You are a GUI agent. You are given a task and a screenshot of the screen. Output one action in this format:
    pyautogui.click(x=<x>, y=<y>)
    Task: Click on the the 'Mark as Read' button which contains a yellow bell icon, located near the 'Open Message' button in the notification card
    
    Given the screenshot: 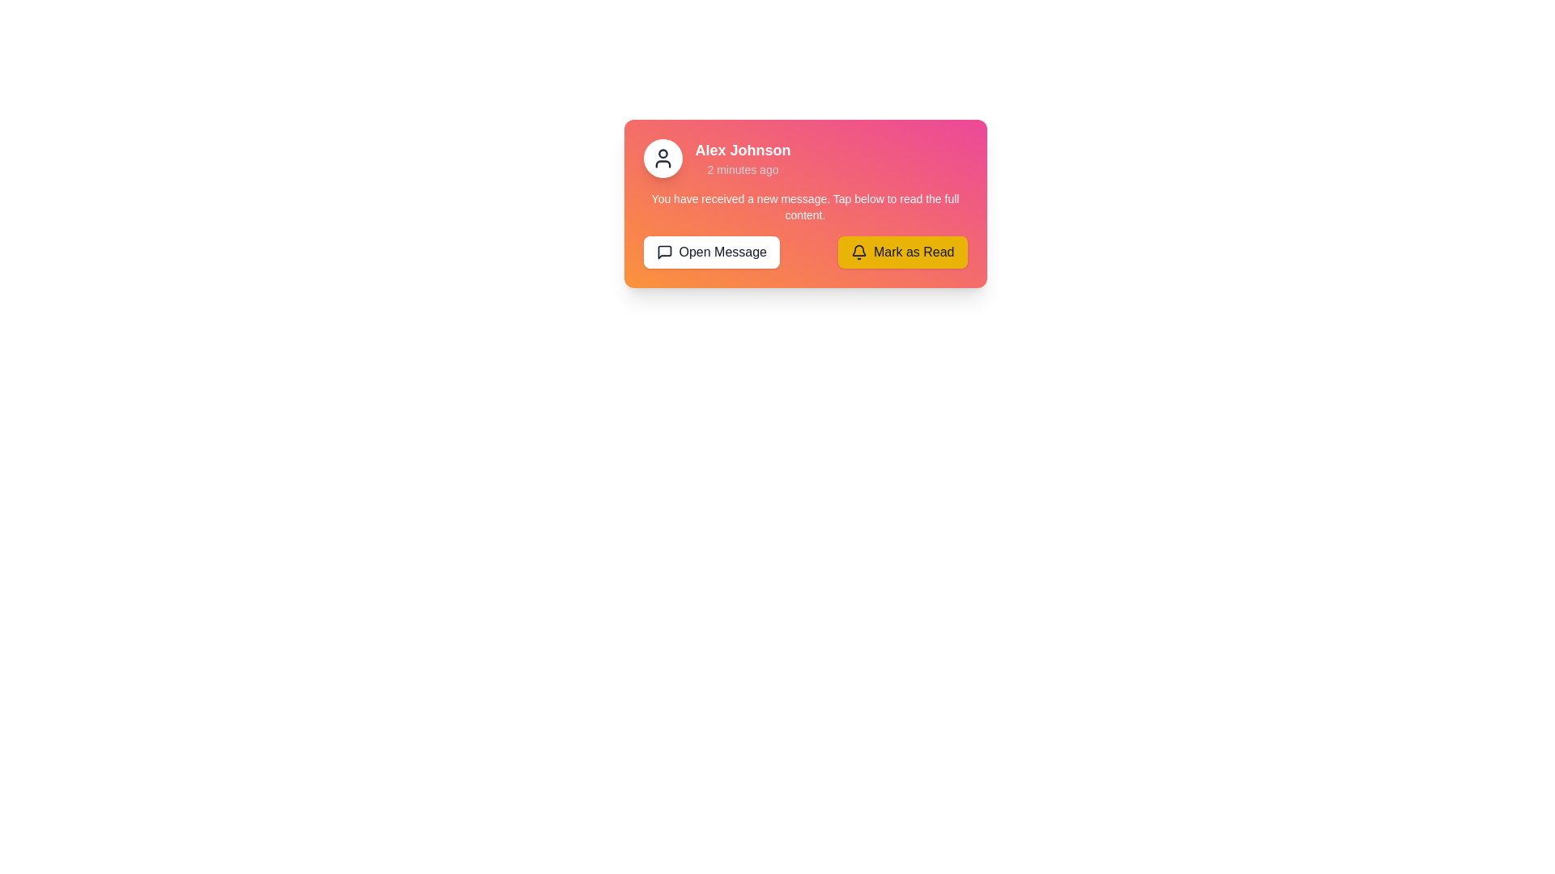 What is the action you would take?
    pyautogui.click(x=858, y=250)
    